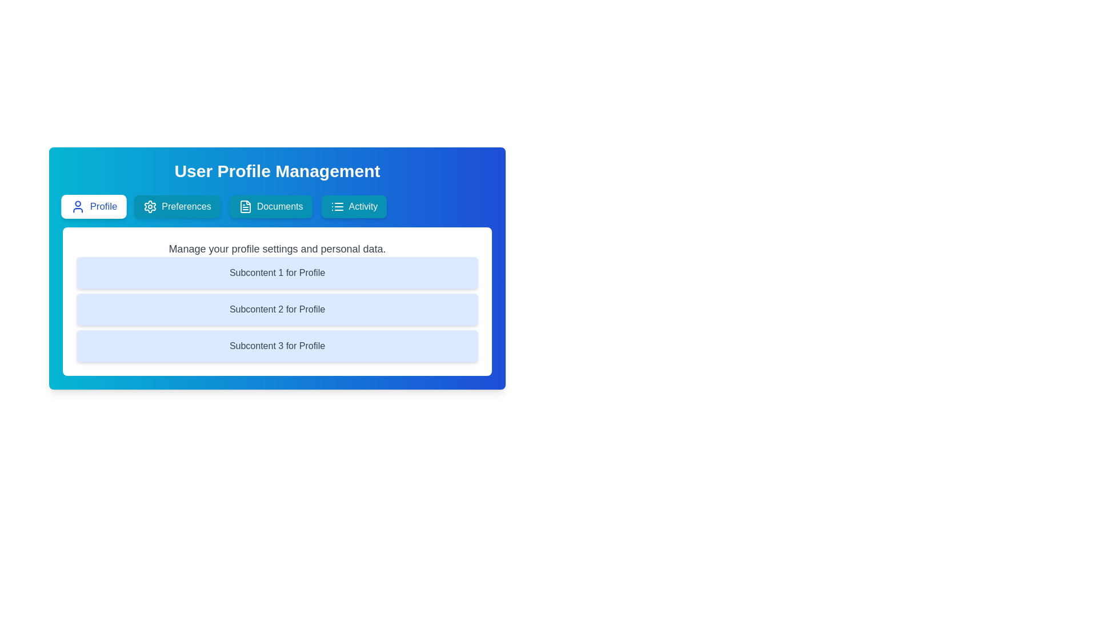 The width and height of the screenshot is (1097, 617). I want to click on the circular gear-like icon within the blue 'Preferences' button located in the top navigation bar, so click(150, 207).